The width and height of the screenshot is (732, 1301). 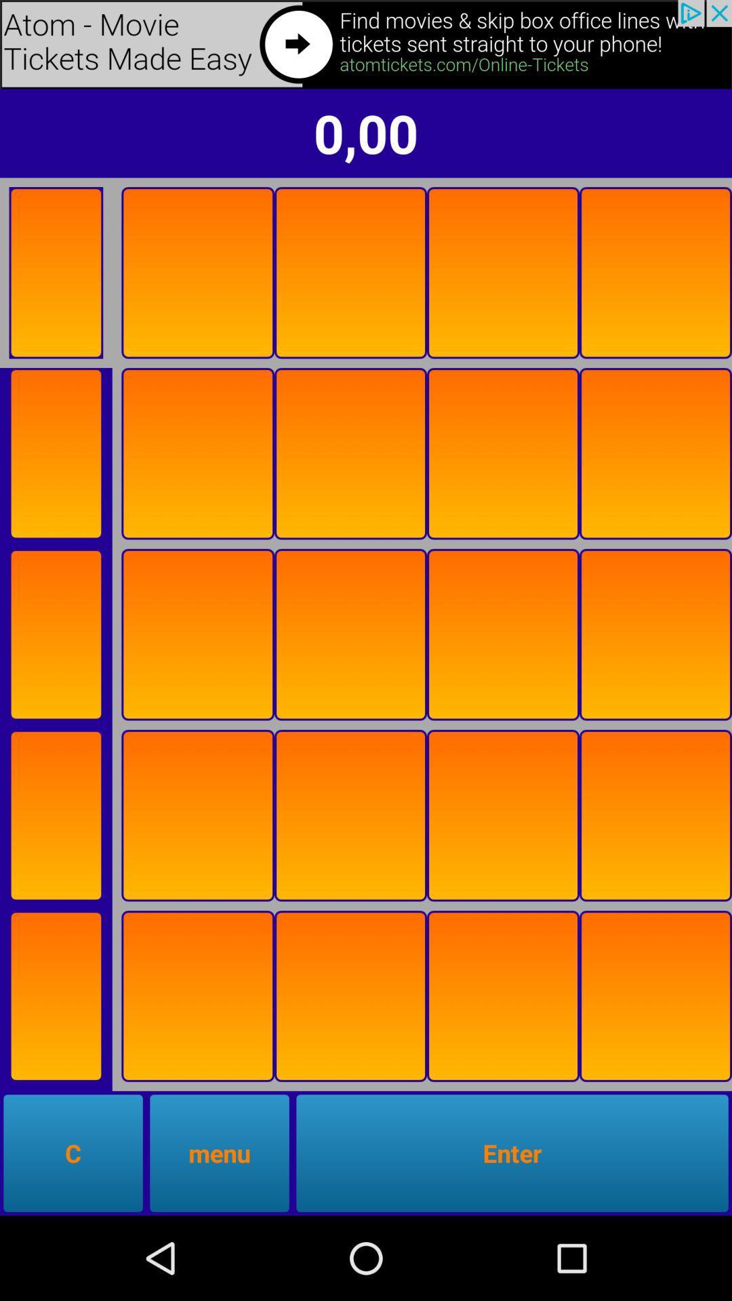 I want to click on button, so click(x=55, y=272).